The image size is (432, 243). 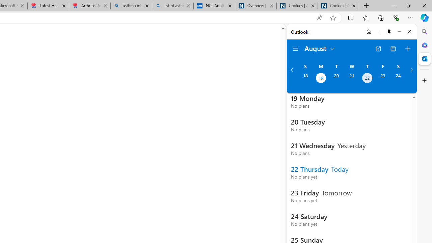 I want to click on 'Folder navigation', so click(x=296, y=49).